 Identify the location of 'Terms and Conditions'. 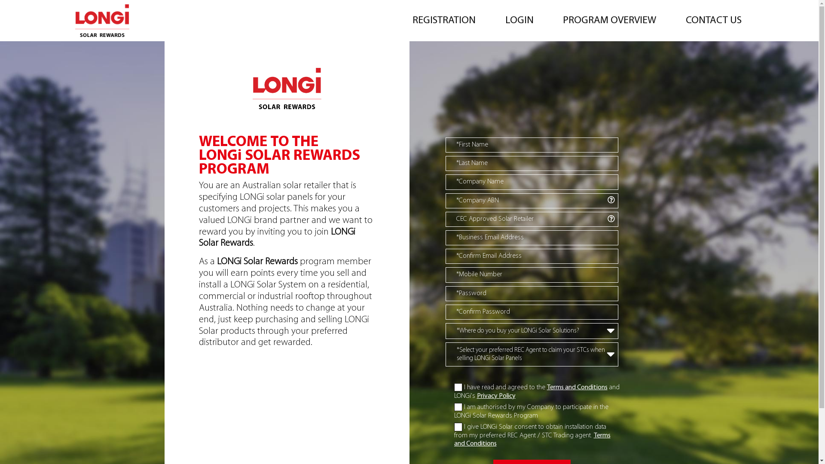
(577, 388).